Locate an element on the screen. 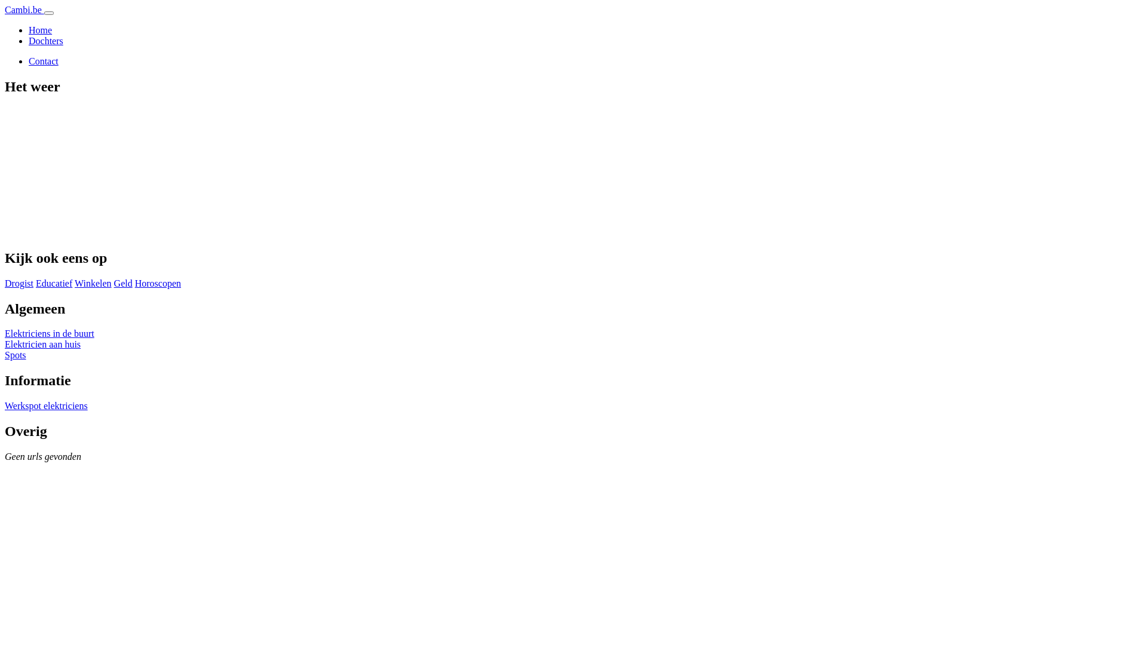 Image resolution: width=1147 pixels, height=645 pixels. 'Geld' is located at coordinates (123, 283).